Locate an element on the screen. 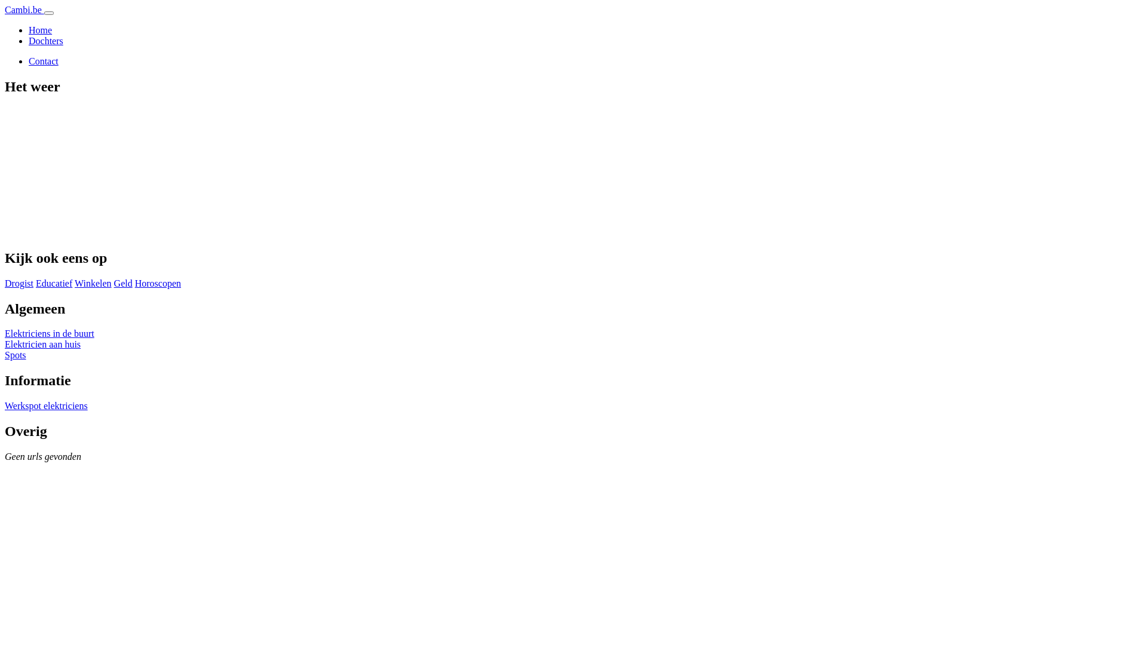 Image resolution: width=1147 pixels, height=645 pixels. 'Geld' is located at coordinates (123, 283).